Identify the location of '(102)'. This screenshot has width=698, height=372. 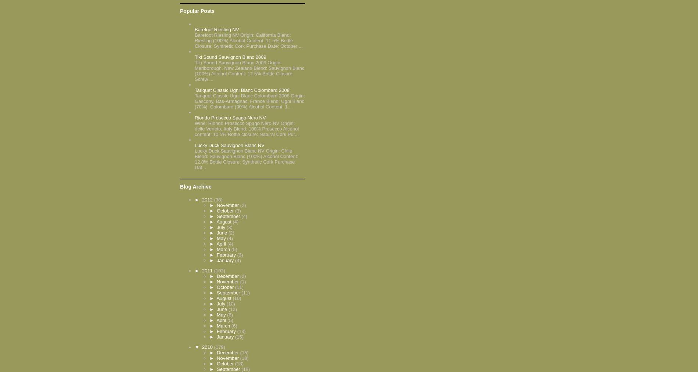
(219, 270).